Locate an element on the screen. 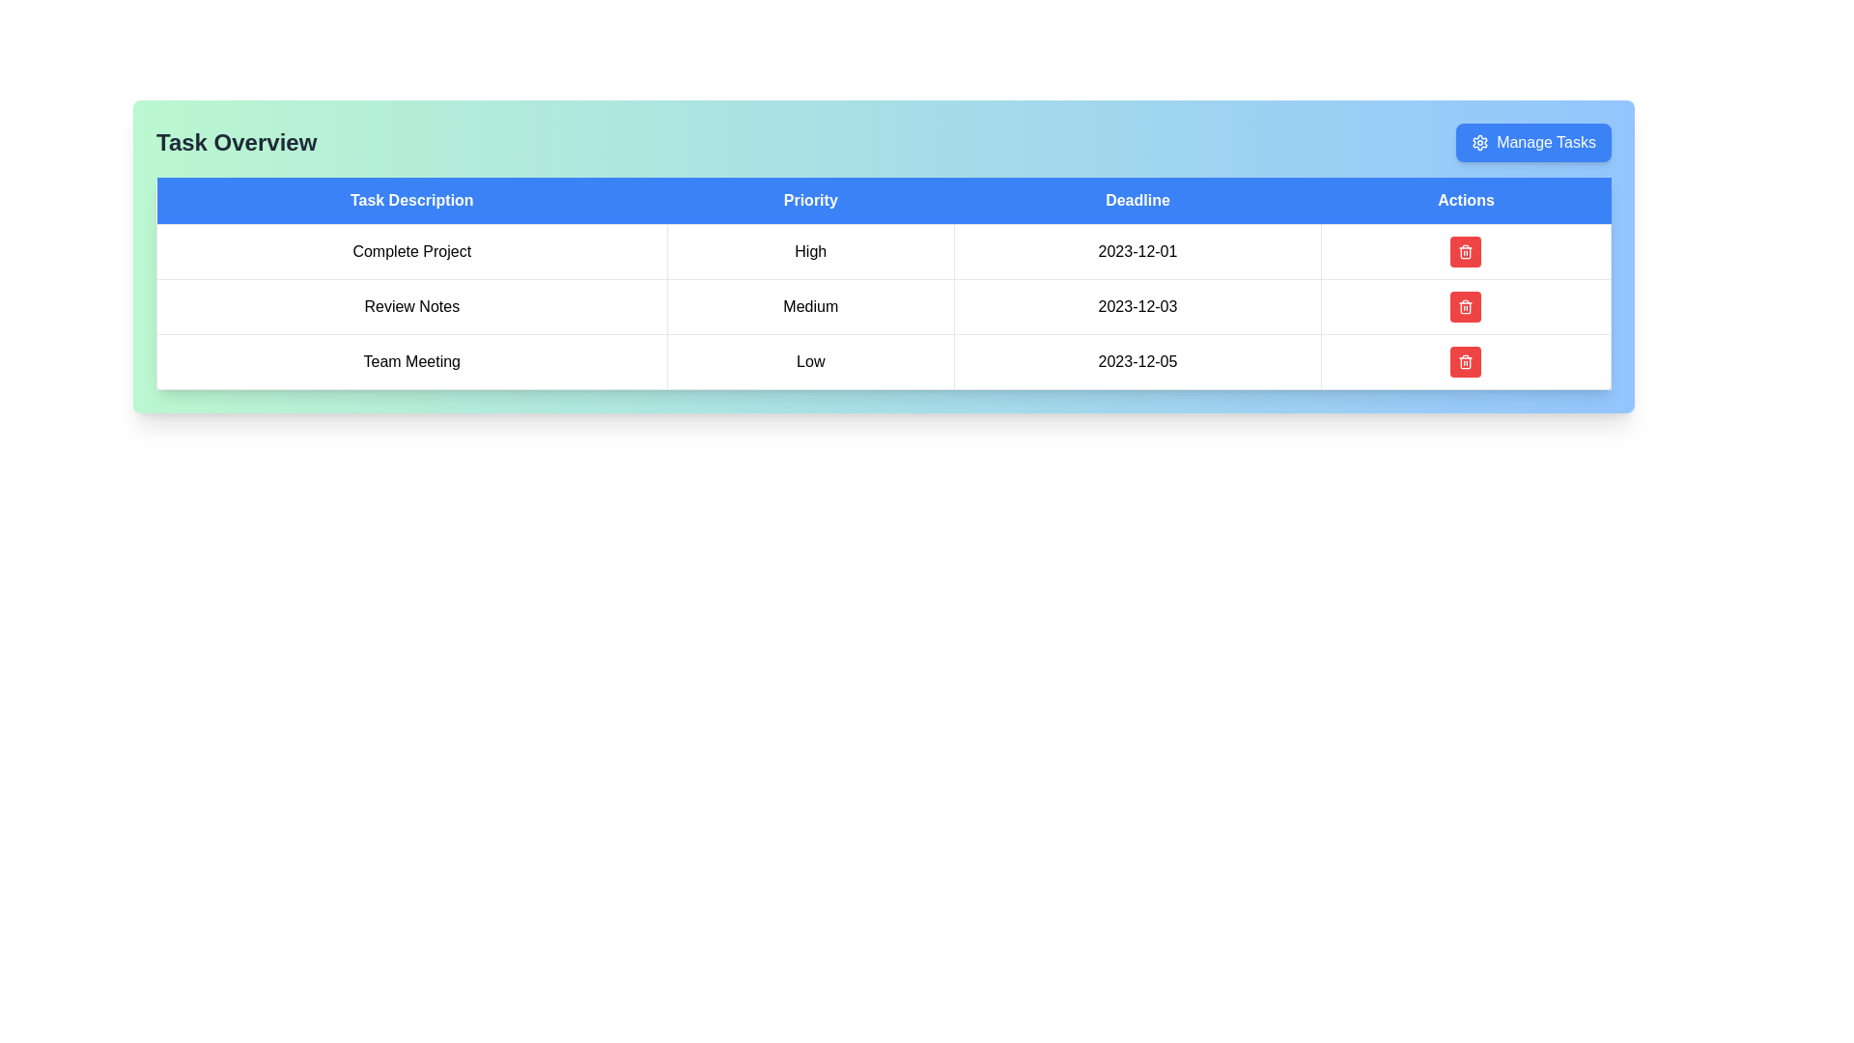  on the middle row of the task management interface that contains the task entry 'Review Notes' is located at coordinates (883, 305).